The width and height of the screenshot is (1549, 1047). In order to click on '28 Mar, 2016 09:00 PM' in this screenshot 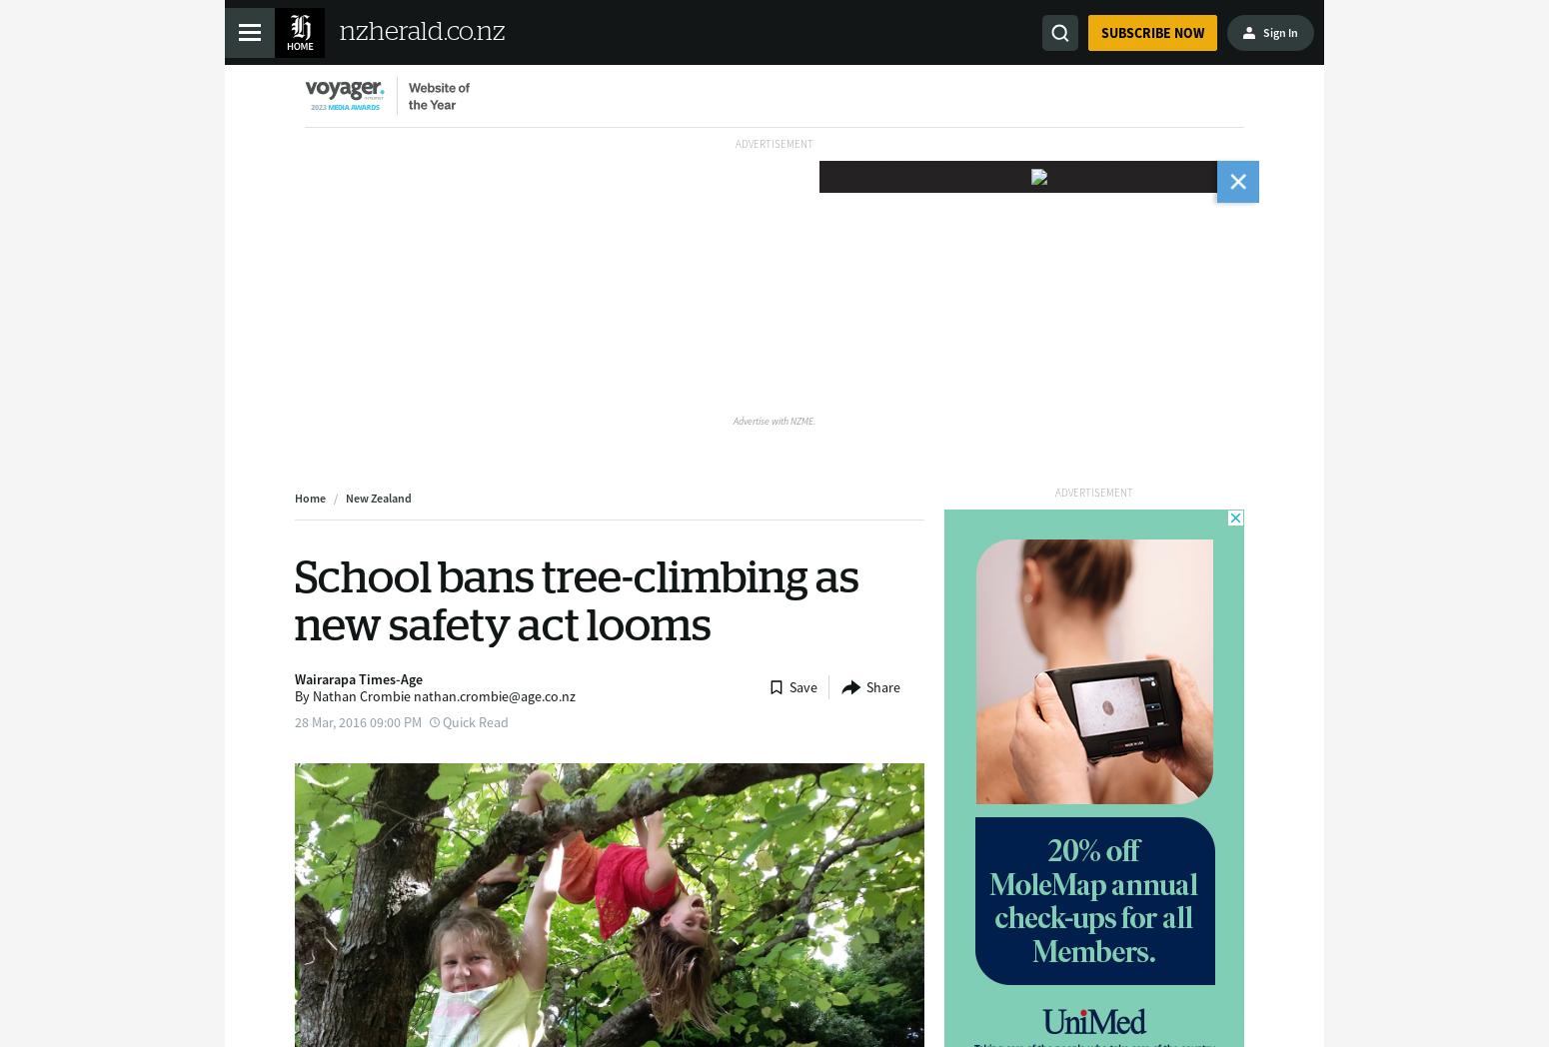, I will do `click(357, 719)`.